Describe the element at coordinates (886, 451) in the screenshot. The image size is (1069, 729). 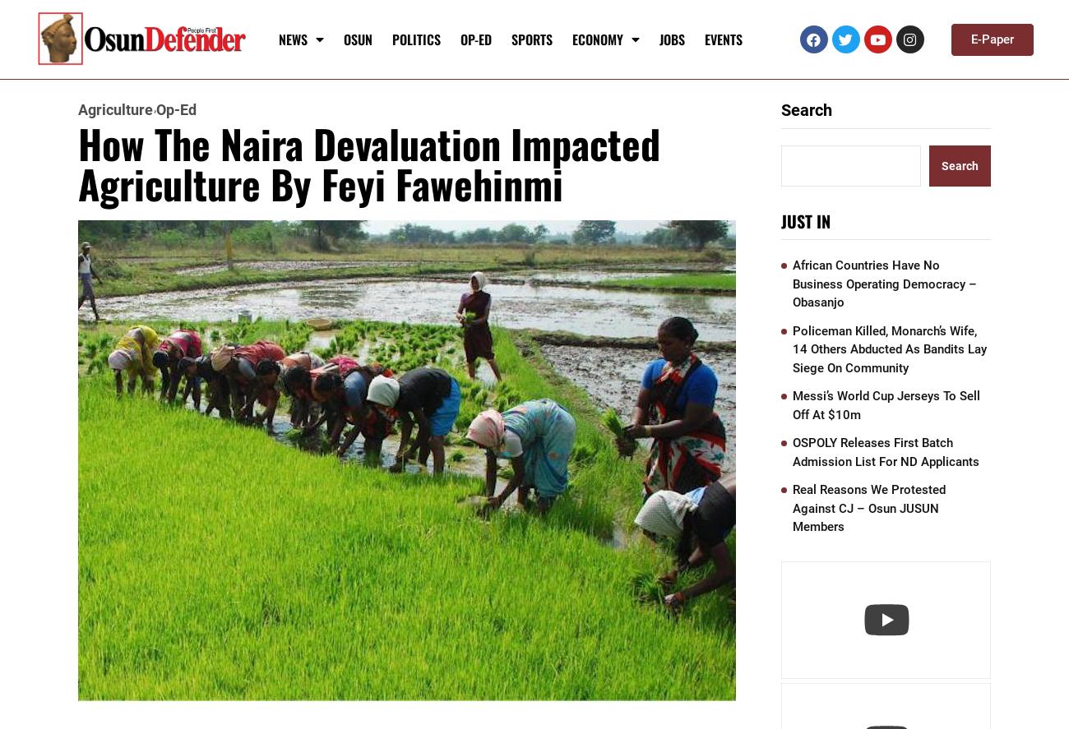
I see `'OSPOLY Releases First Batch Admission List For ND Applicants'` at that location.